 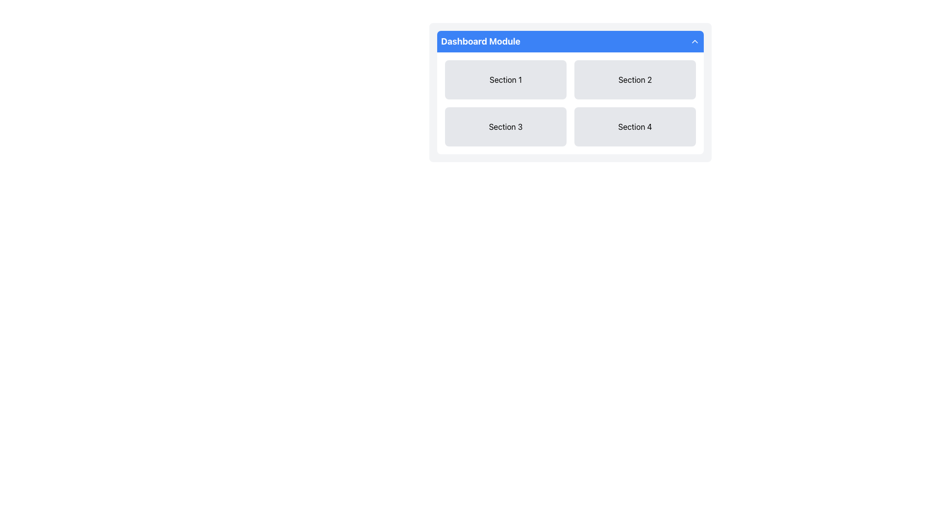 What do you see at coordinates (694, 41) in the screenshot?
I see `the upward-facing arrow icon button within the small blue-rounded square located in the header of the 'Dashboard Module' panel` at bounding box center [694, 41].